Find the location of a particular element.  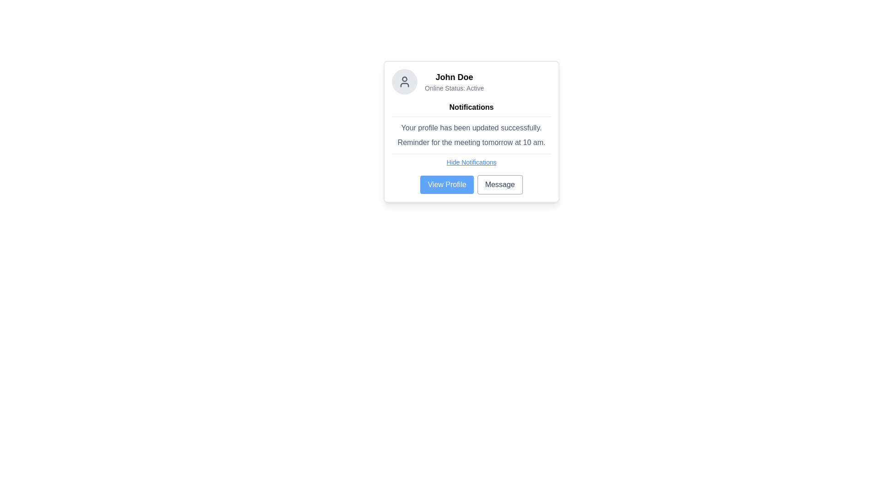

the notification area located below the 'Notifications' heading within the user profile card, which is the first block of text content after the title and is centrally aligned within the modal popup is located at coordinates (472, 135).